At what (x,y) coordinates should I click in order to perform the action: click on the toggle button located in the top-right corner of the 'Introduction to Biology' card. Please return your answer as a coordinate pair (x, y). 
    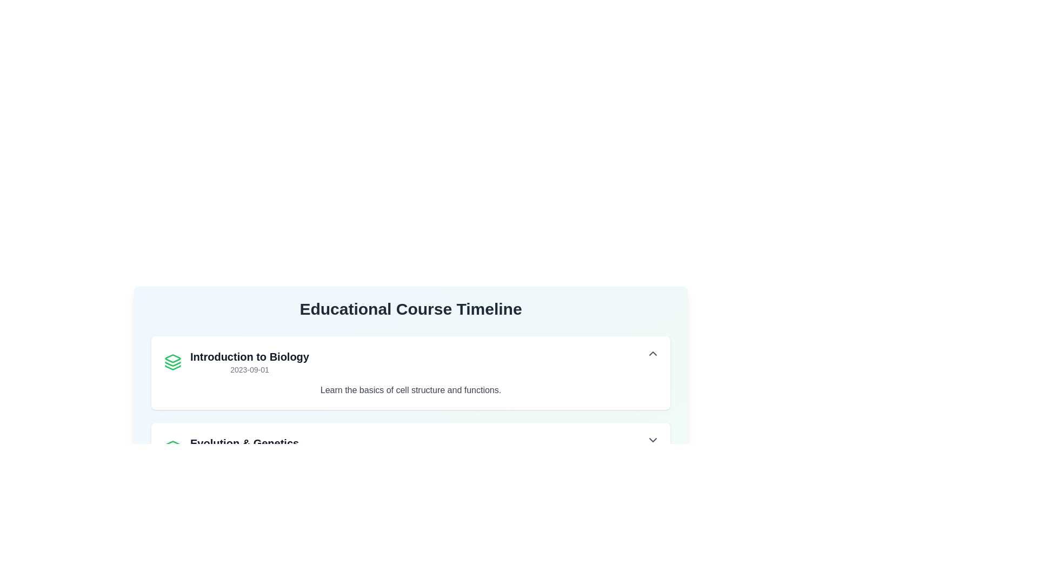
    Looking at the image, I should click on (653, 354).